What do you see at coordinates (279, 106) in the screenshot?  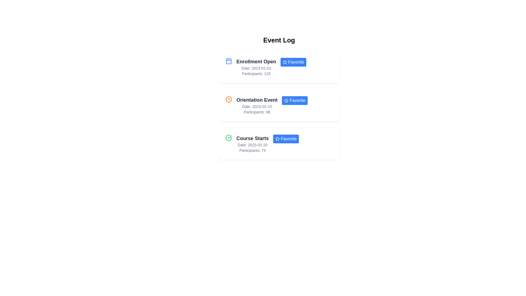 I see `the event card in the composite list element located within the 'Event Log'` at bounding box center [279, 106].